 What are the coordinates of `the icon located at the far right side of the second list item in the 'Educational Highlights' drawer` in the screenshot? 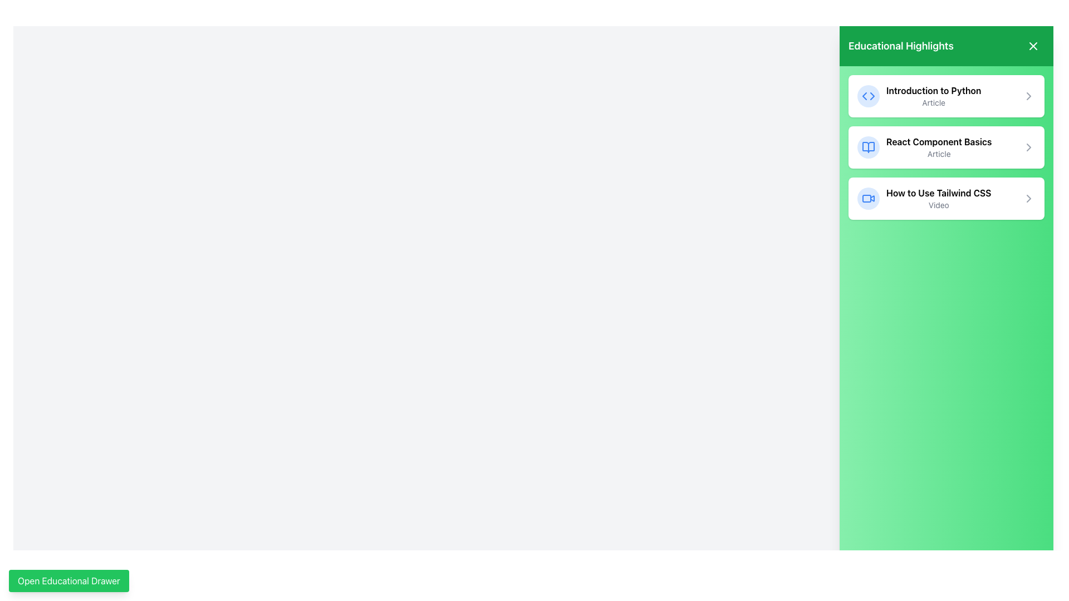 It's located at (1028, 147).